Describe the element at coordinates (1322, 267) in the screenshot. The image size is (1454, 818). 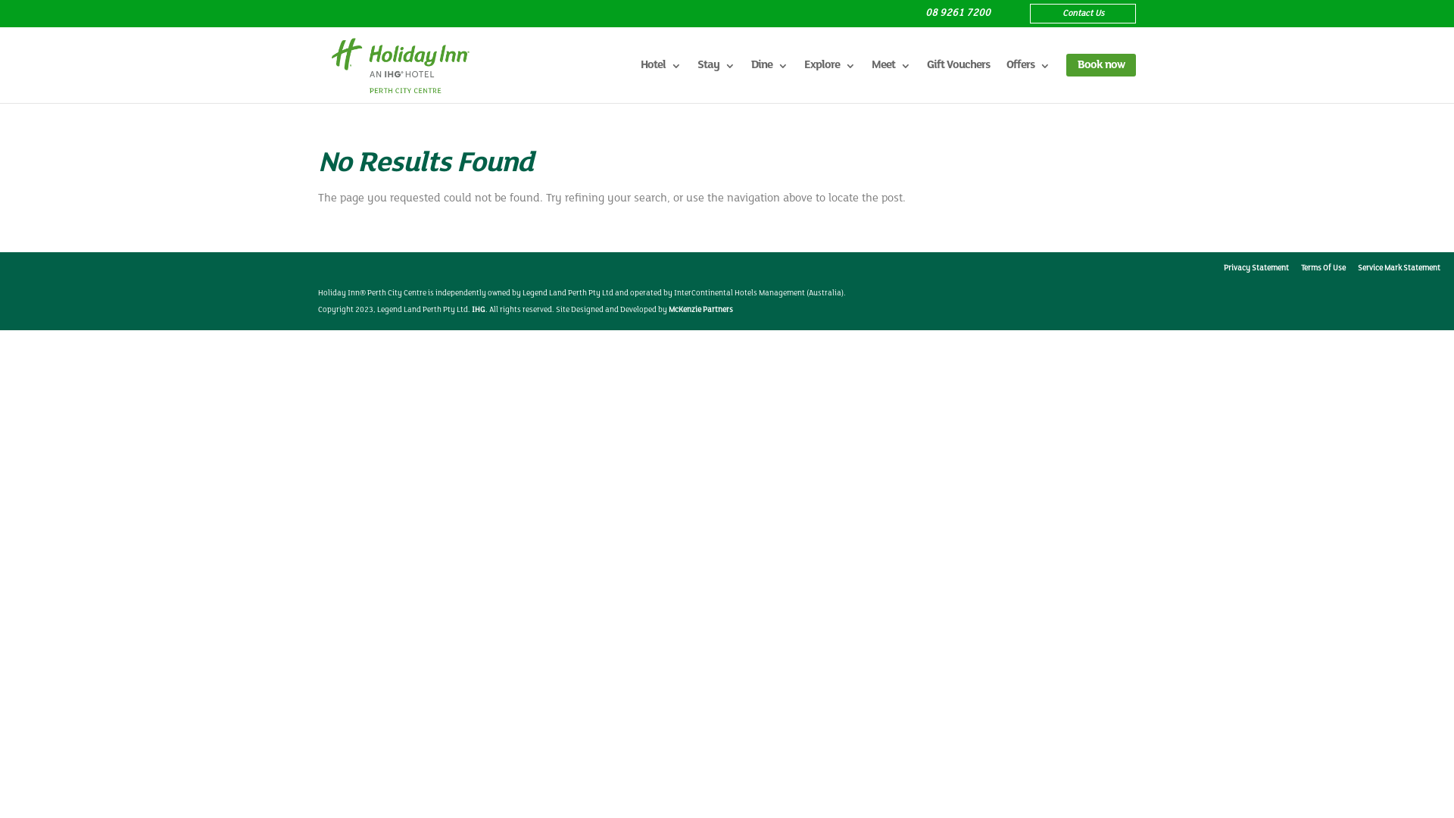
I see `'Terms Of Use'` at that location.